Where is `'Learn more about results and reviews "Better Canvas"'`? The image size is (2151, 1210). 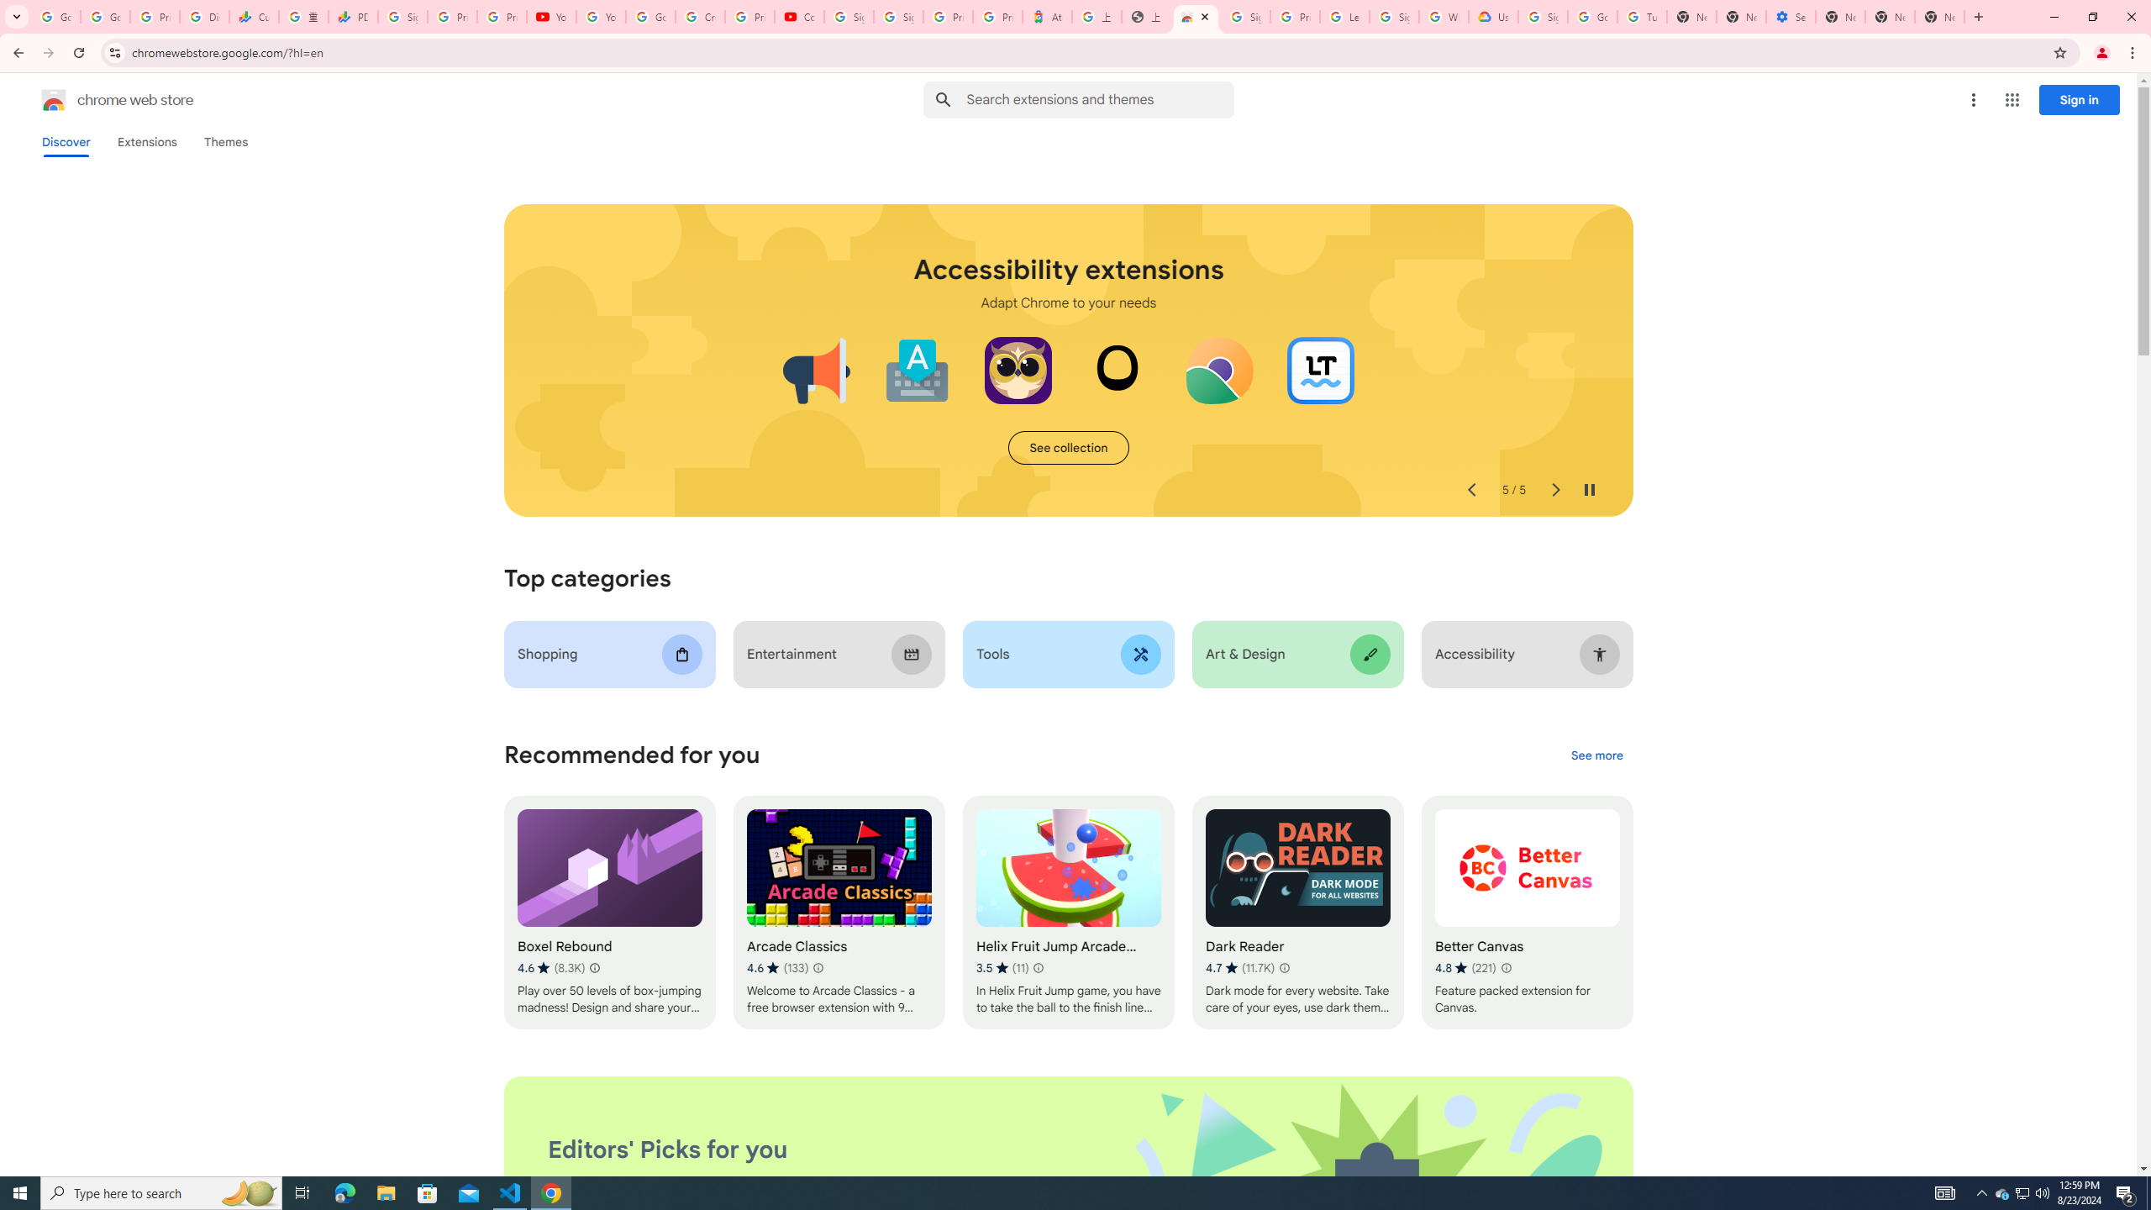
'Learn more about results and reviews "Better Canvas"' is located at coordinates (1505, 968).